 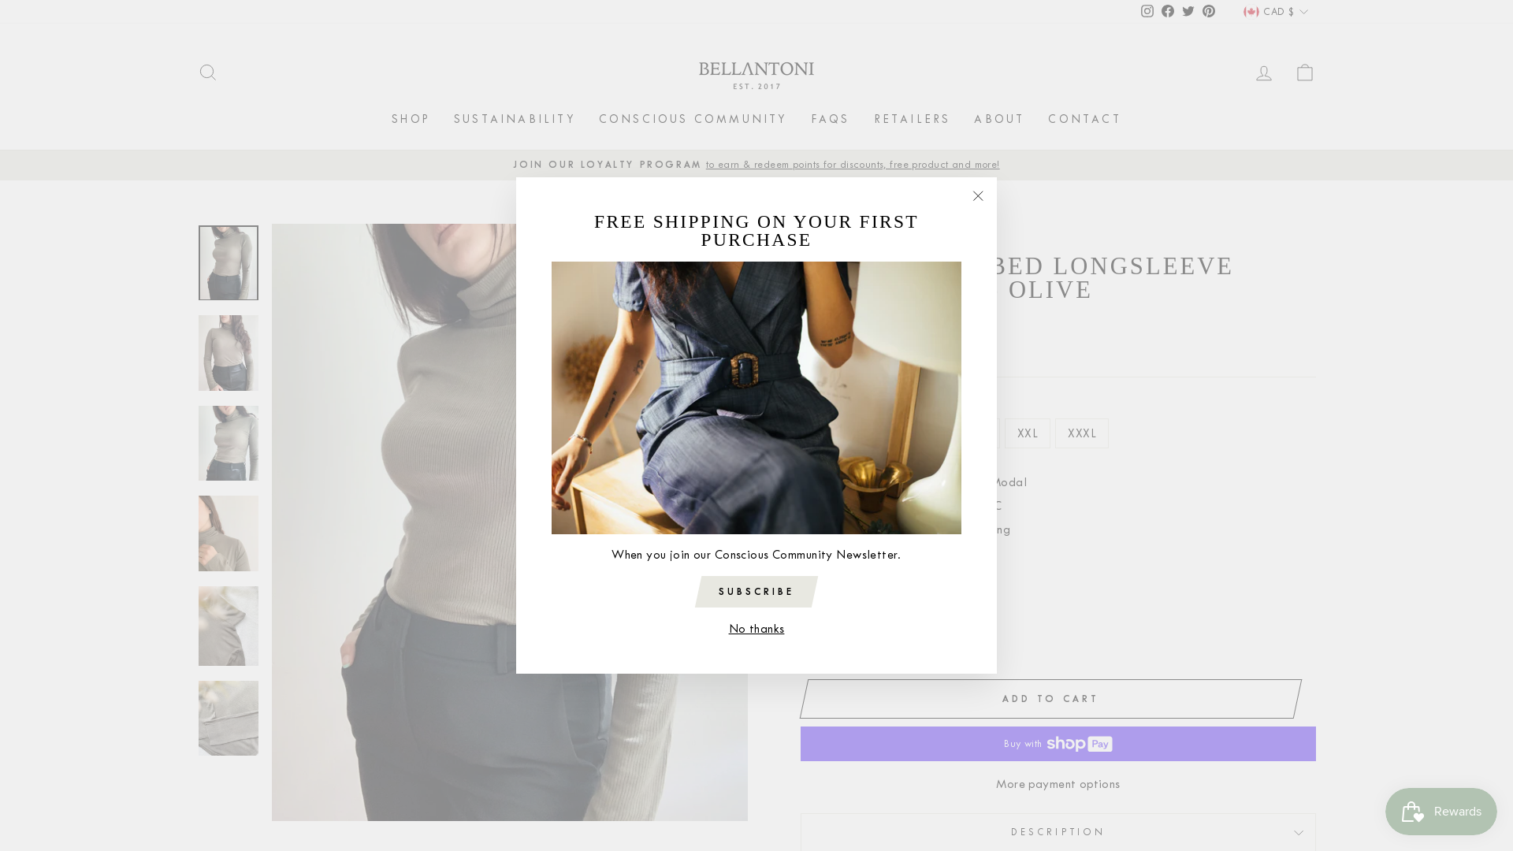 I want to click on 'SEARCH', so click(x=207, y=72).